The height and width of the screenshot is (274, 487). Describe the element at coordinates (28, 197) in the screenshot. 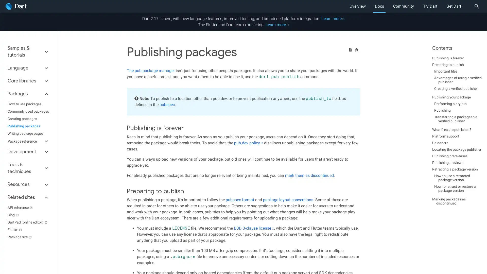

I see `Related sites keyboard_arrow_down` at that location.